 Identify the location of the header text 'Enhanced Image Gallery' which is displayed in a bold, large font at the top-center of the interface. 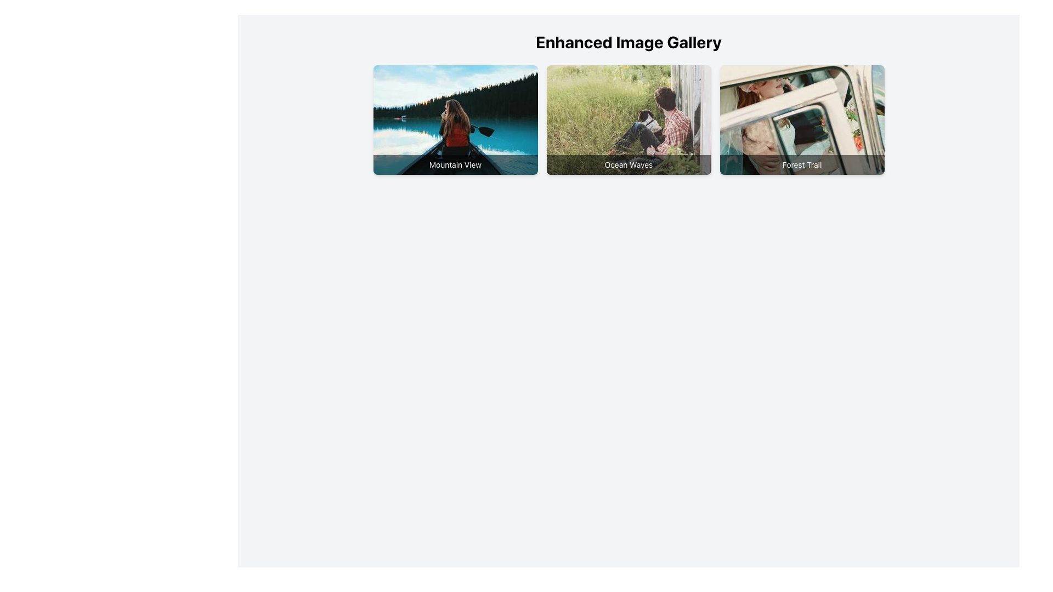
(629, 42).